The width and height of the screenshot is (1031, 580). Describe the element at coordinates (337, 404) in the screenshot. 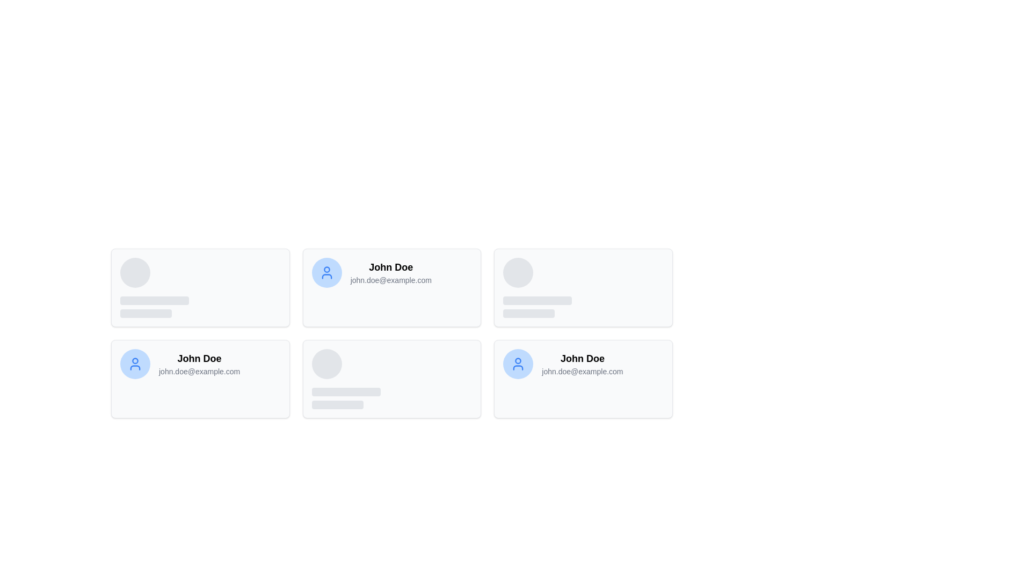

I see `the placeholder bar, which is a narrow, horizontal rectangle with a light gray background and slightly rounded corners, located within a card component in the bottom row, second column of the grid layout` at that location.